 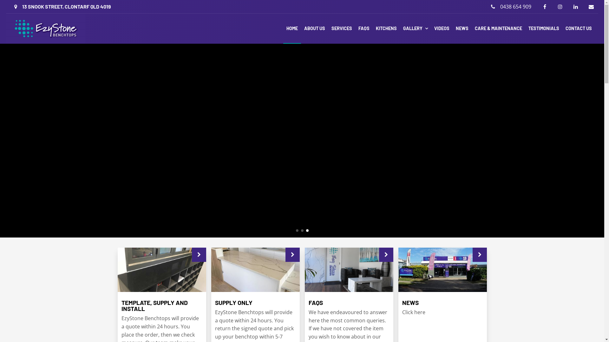 What do you see at coordinates (579, 28) in the screenshot?
I see `'CONTACT US'` at bounding box center [579, 28].